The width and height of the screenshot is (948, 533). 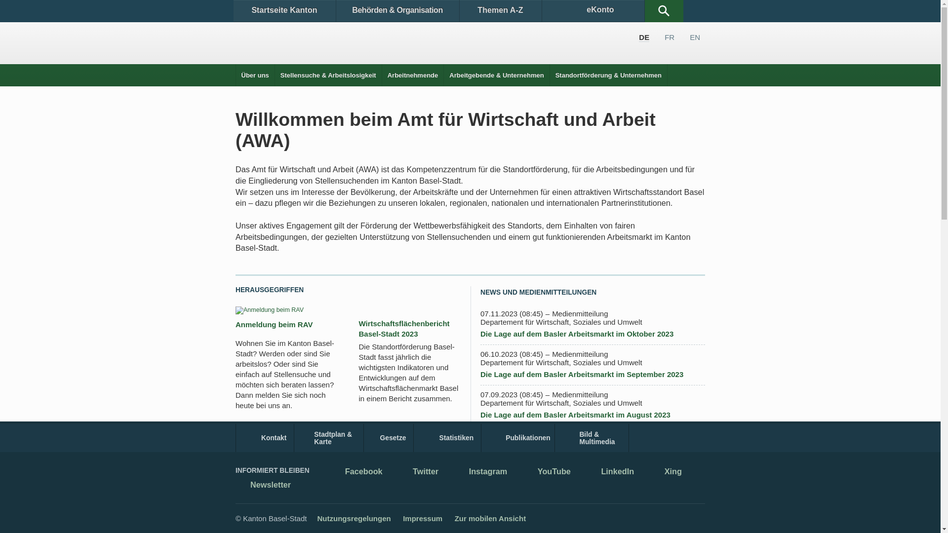 I want to click on 'Publikationen', so click(x=517, y=437).